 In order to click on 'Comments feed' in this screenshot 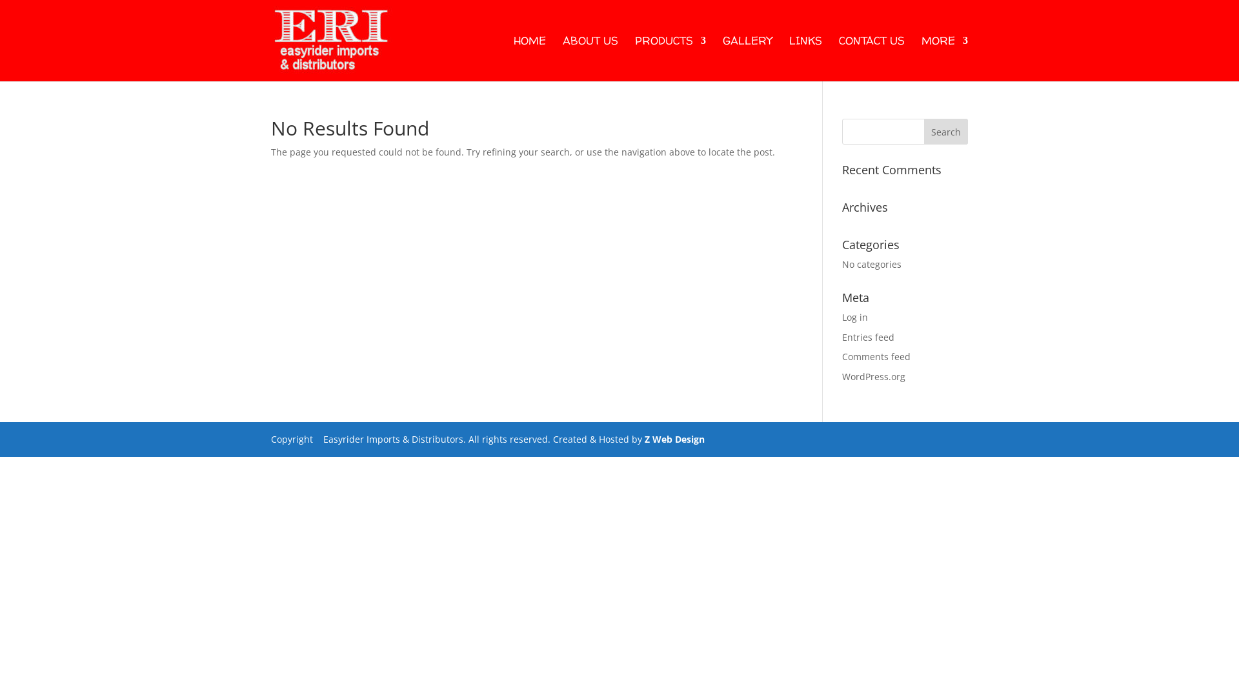, I will do `click(876, 356)`.